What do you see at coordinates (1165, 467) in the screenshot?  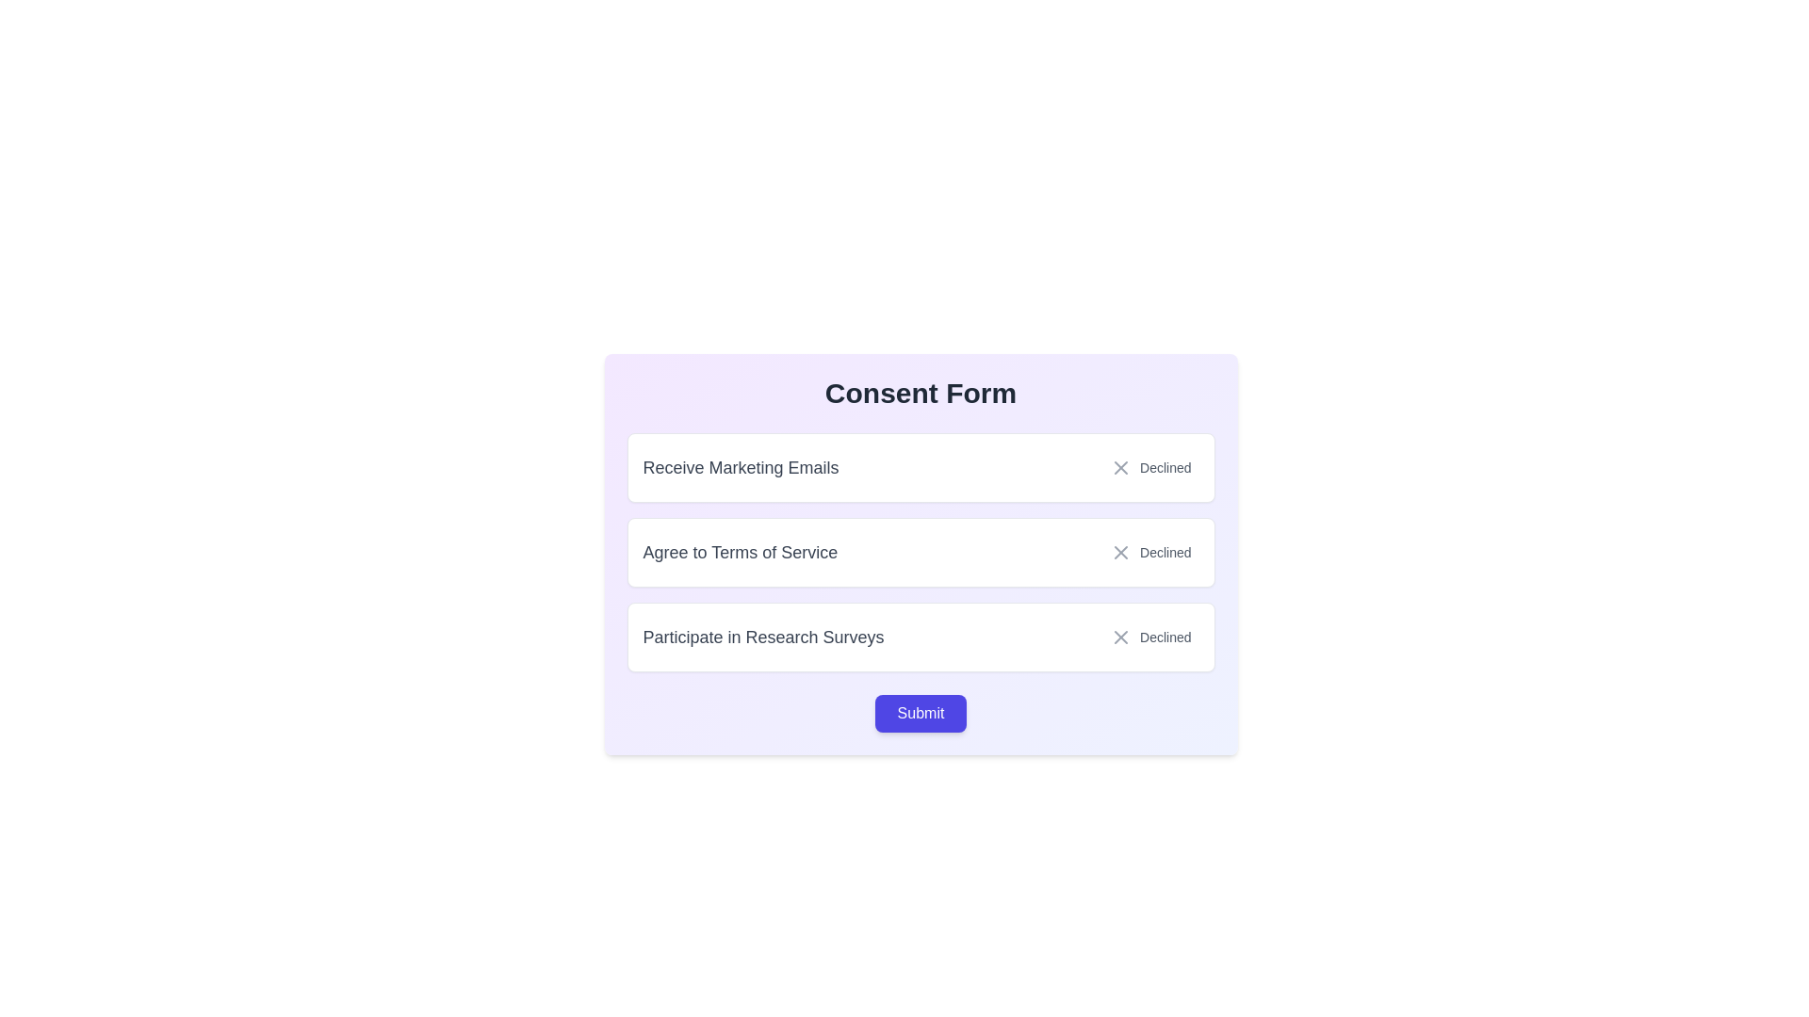 I see `the Text Label displaying the word 'Declined', which is styled in a smaller font size and grayish tone, located to the right of an 'X' icon within the first row beneath the 'Consent Form' header` at bounding box center [1165, 467].